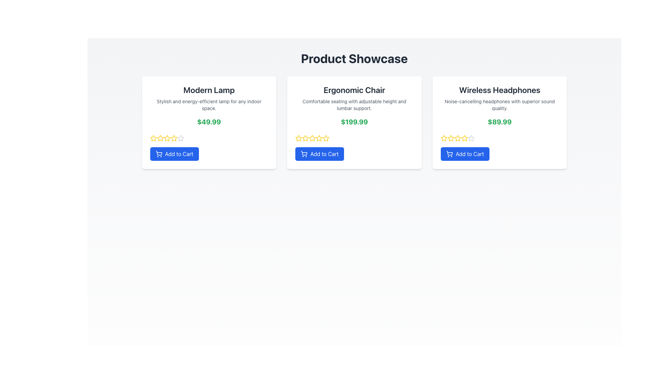 This screenshot has height=368, width=654. I want to click on the text label displaying the price '$199.99' in bold, large, green-colored font, located below the product description of the 'Ergonomic Chair', so click(354, 122).